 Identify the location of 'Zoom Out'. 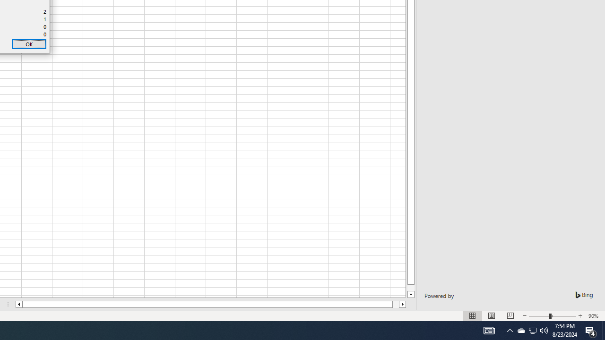
(539, 316).